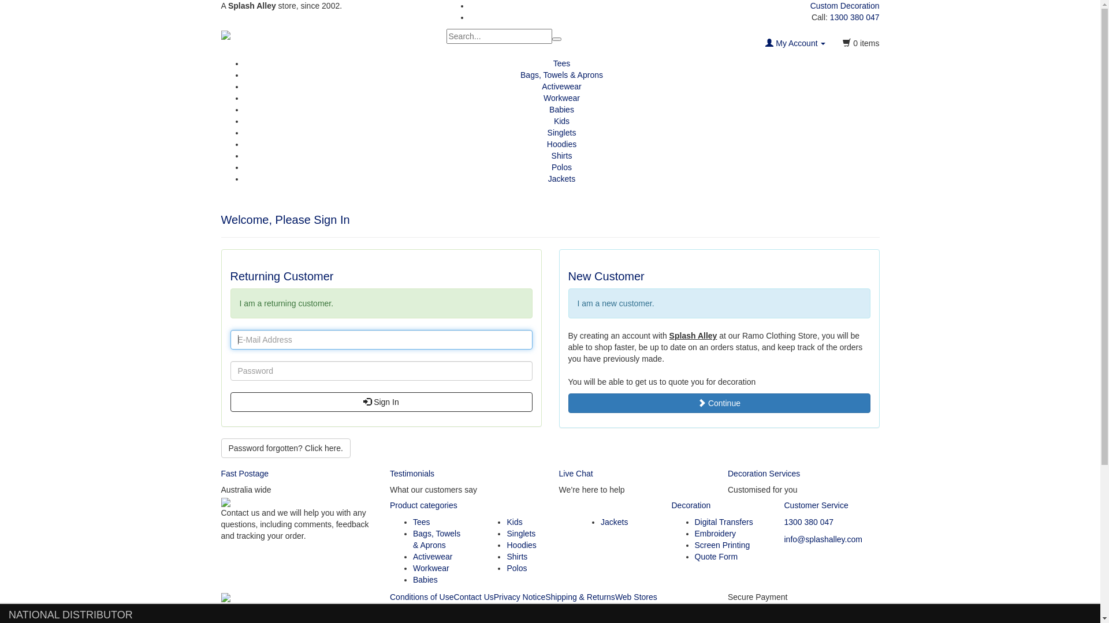  I want to click on 'Shirts', so click(562, 156).